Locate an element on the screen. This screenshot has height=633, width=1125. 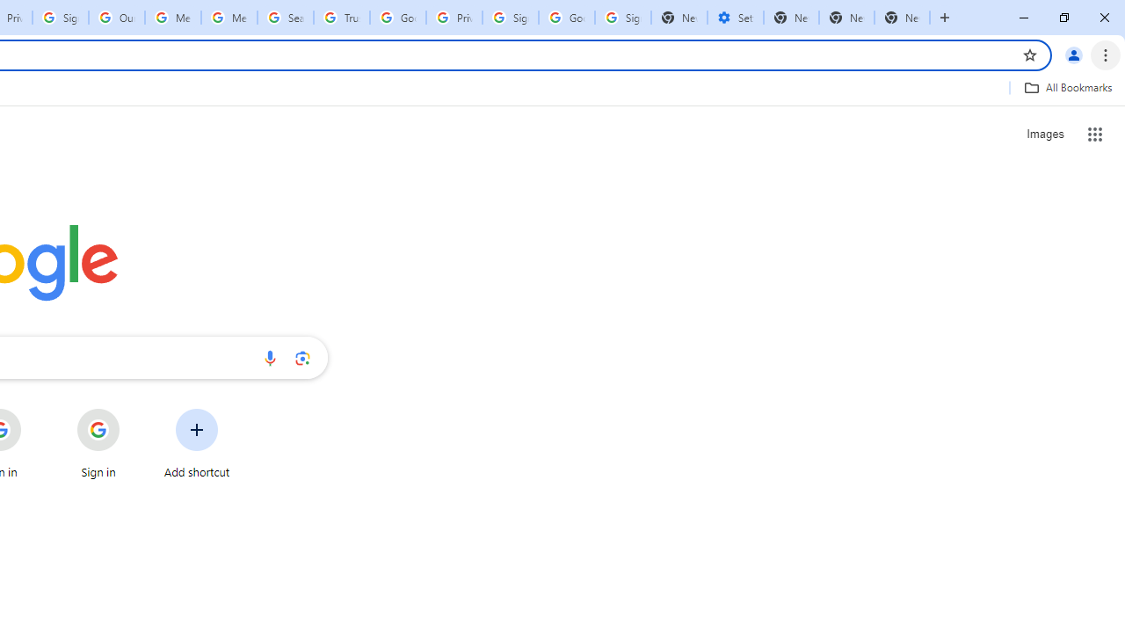
'Minimize' is located at coordinates (1024, 18).